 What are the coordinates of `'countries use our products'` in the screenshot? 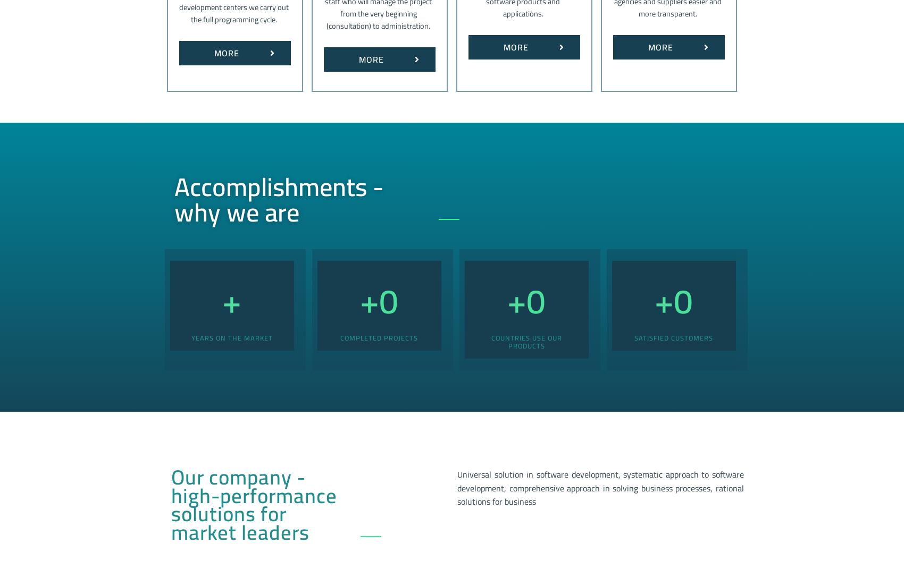 It's located at (525, 341).